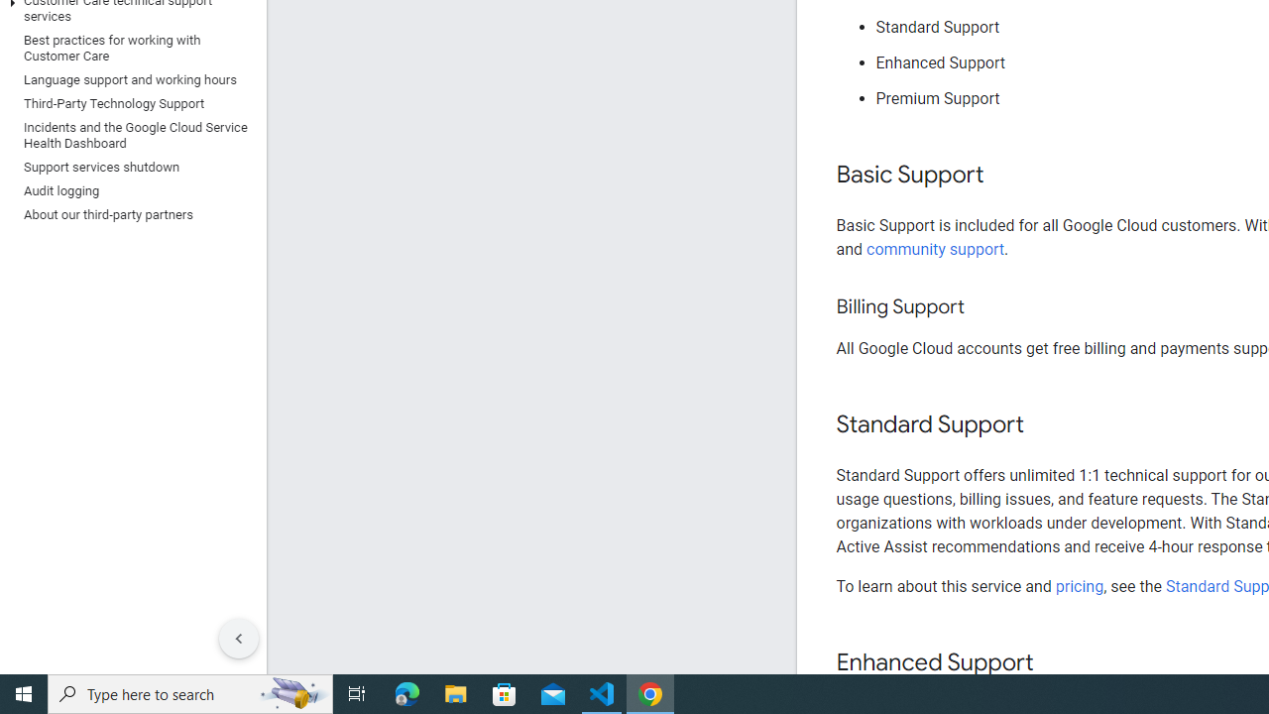  What do you see at coordinates (935, 248) in the screenshot?
I see `'community support'` at bounding box center [935, 248].